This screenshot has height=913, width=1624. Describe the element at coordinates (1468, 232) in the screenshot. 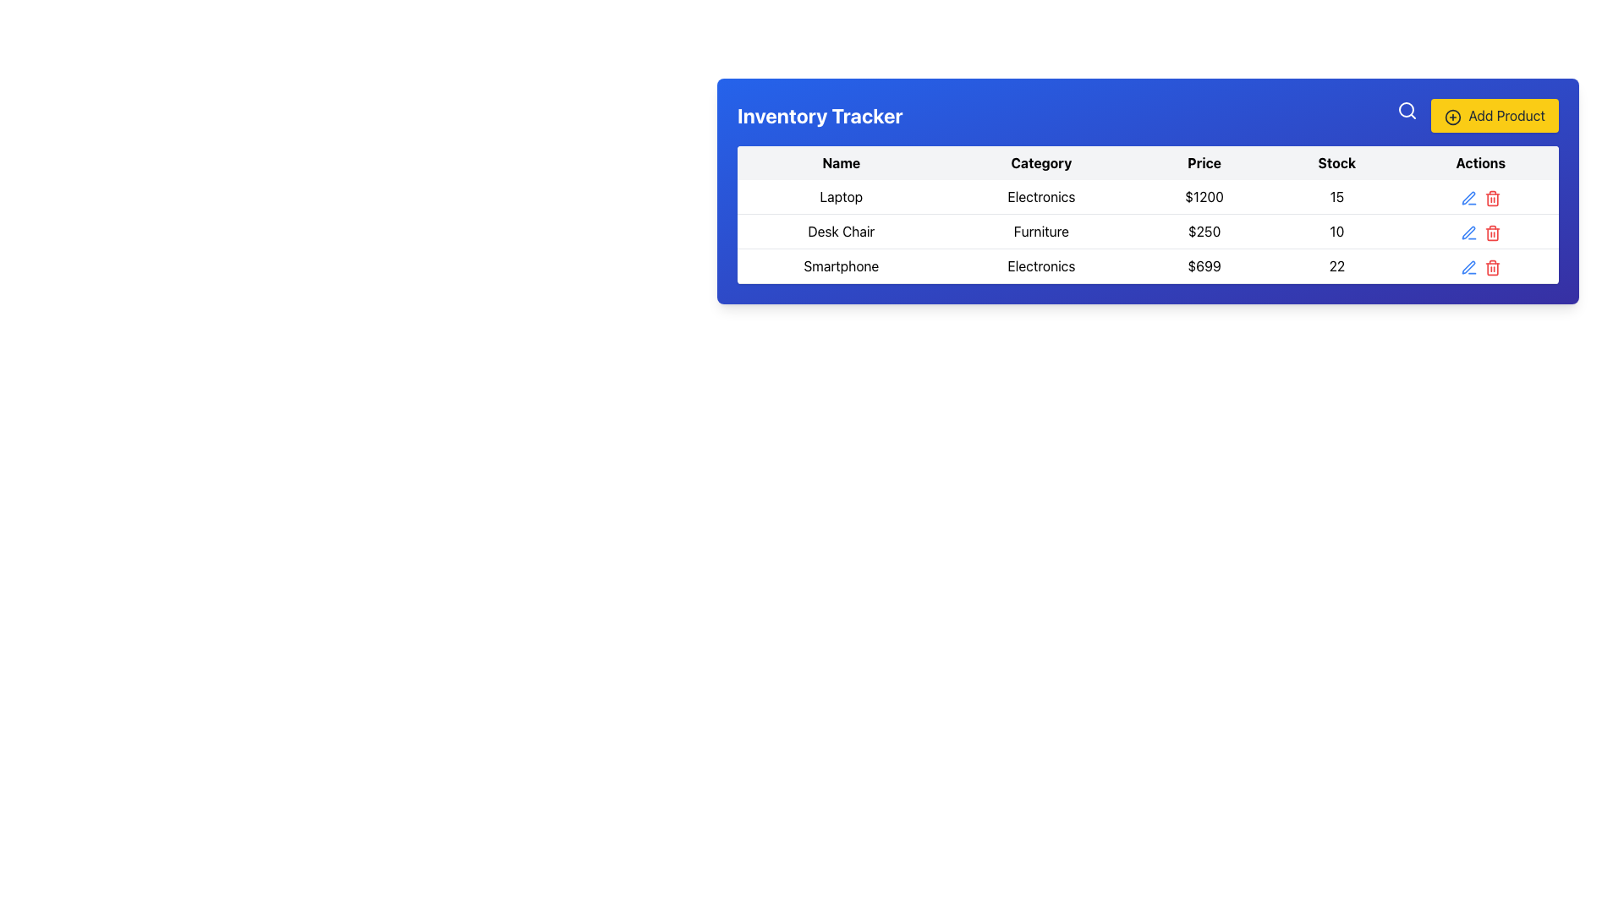

I see `the icon button located` at that location.